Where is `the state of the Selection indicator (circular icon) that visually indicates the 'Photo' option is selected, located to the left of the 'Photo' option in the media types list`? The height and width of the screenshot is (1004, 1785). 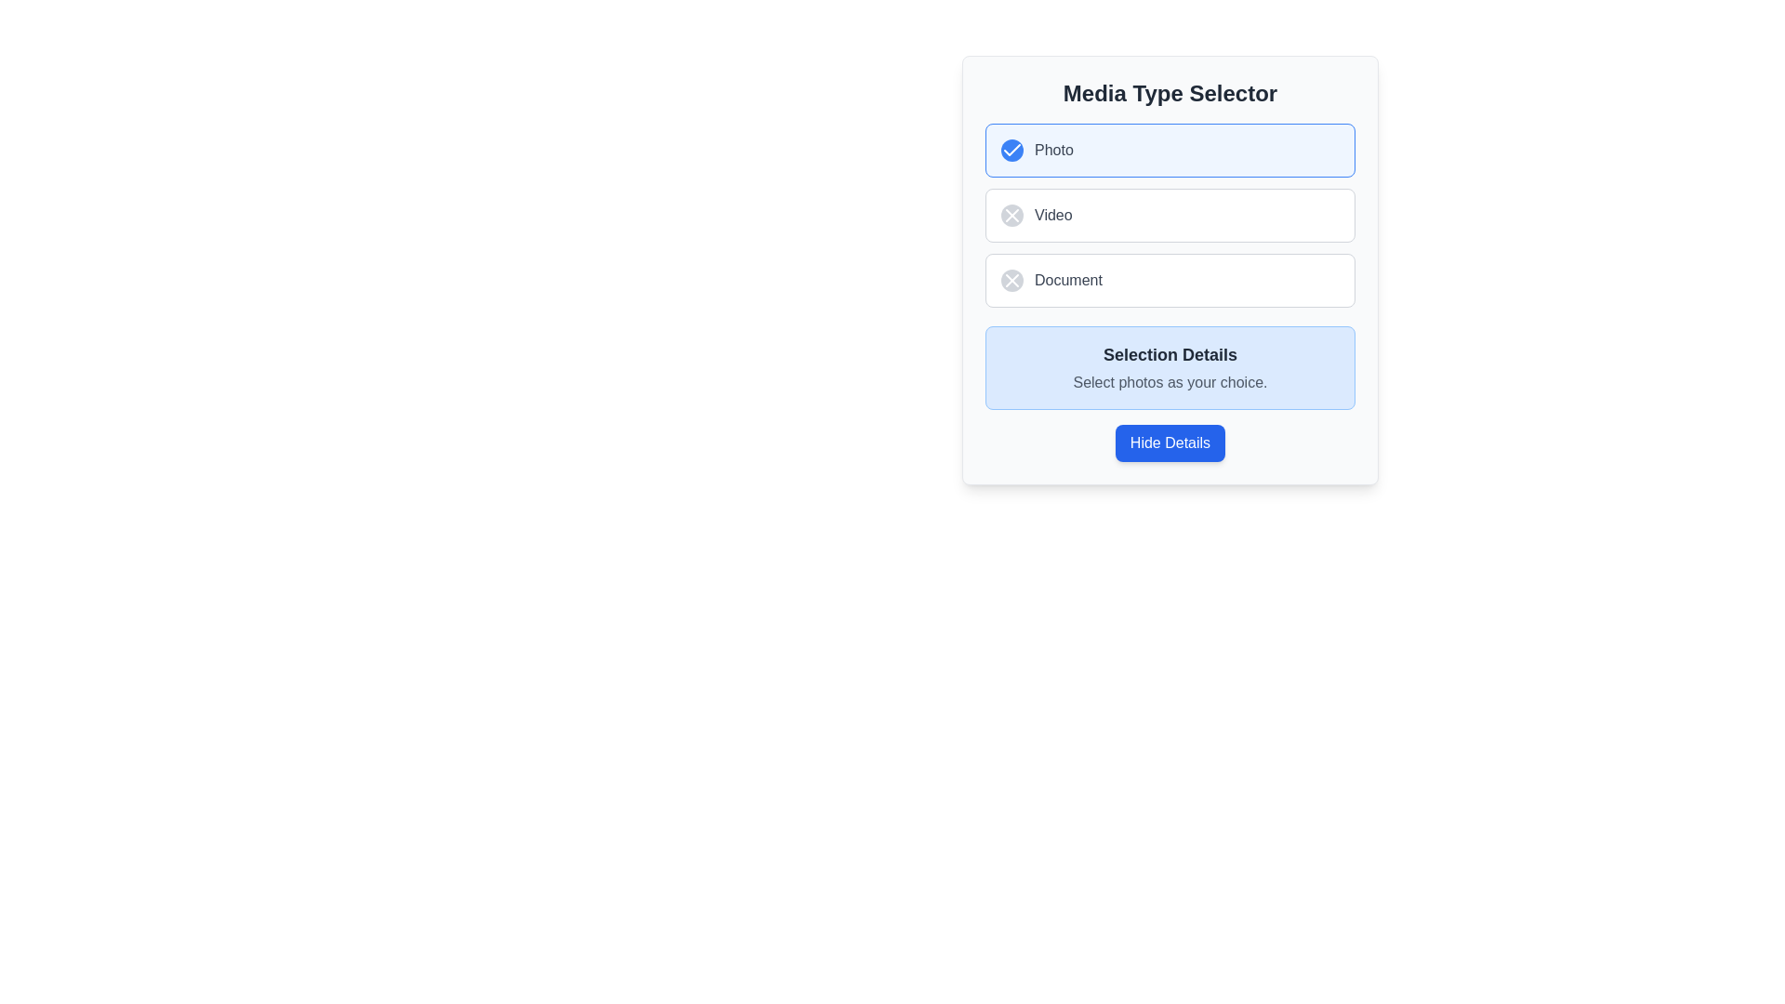 the state of the Selection indicator (circular icon) that visually indicates the 'Photo' option is selected, located to the left of the 'Photo' option in the media types list is located at coordinates (1011, 150).